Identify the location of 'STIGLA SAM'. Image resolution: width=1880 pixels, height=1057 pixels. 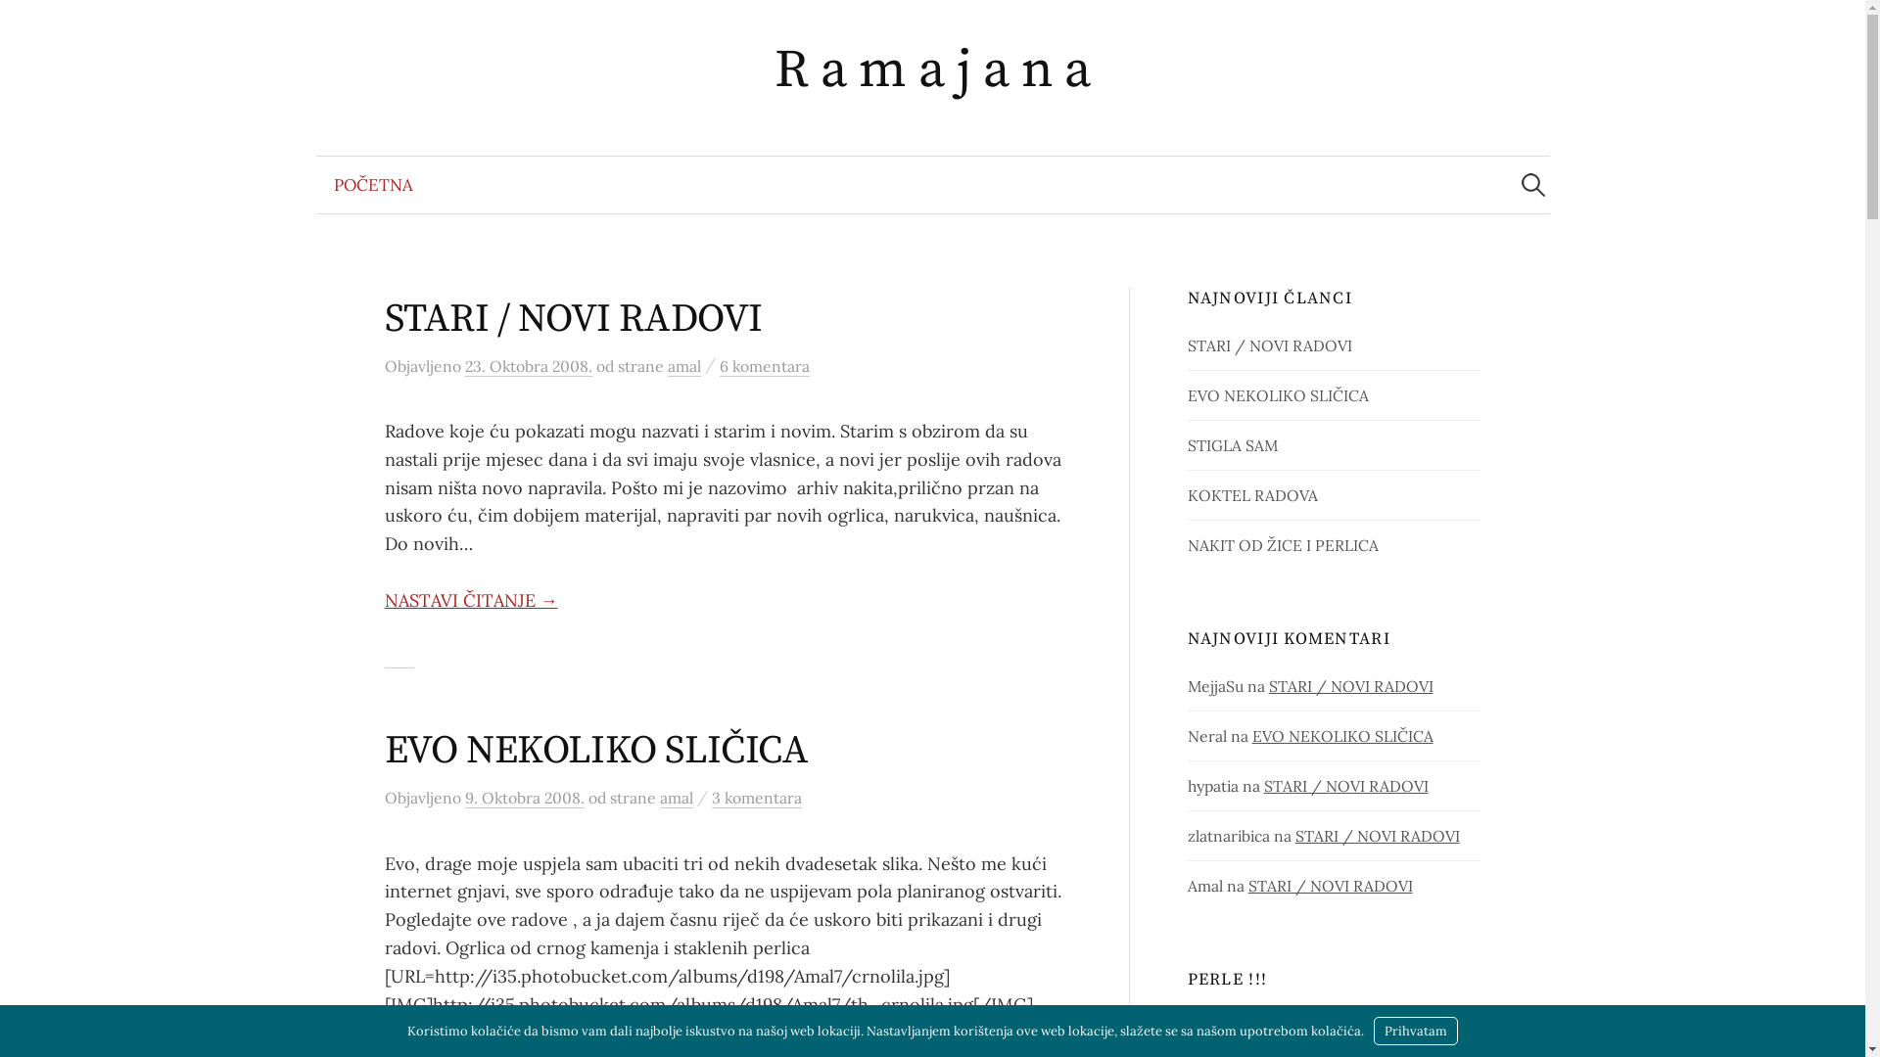
(1187, 445).